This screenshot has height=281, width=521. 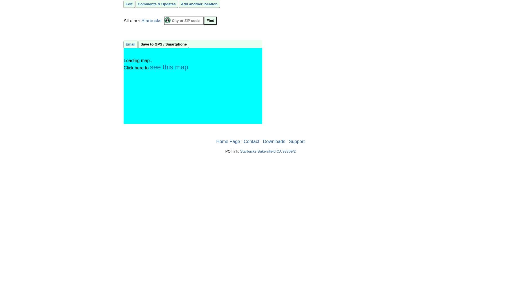 I want to click on 'Support', so click(x=296, y=141).